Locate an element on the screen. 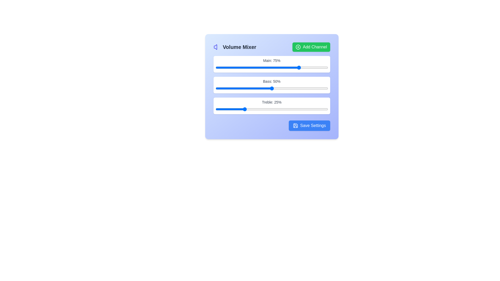 This screenshot has height=281, width=500. the bass level is located at coordinates (266, 88).